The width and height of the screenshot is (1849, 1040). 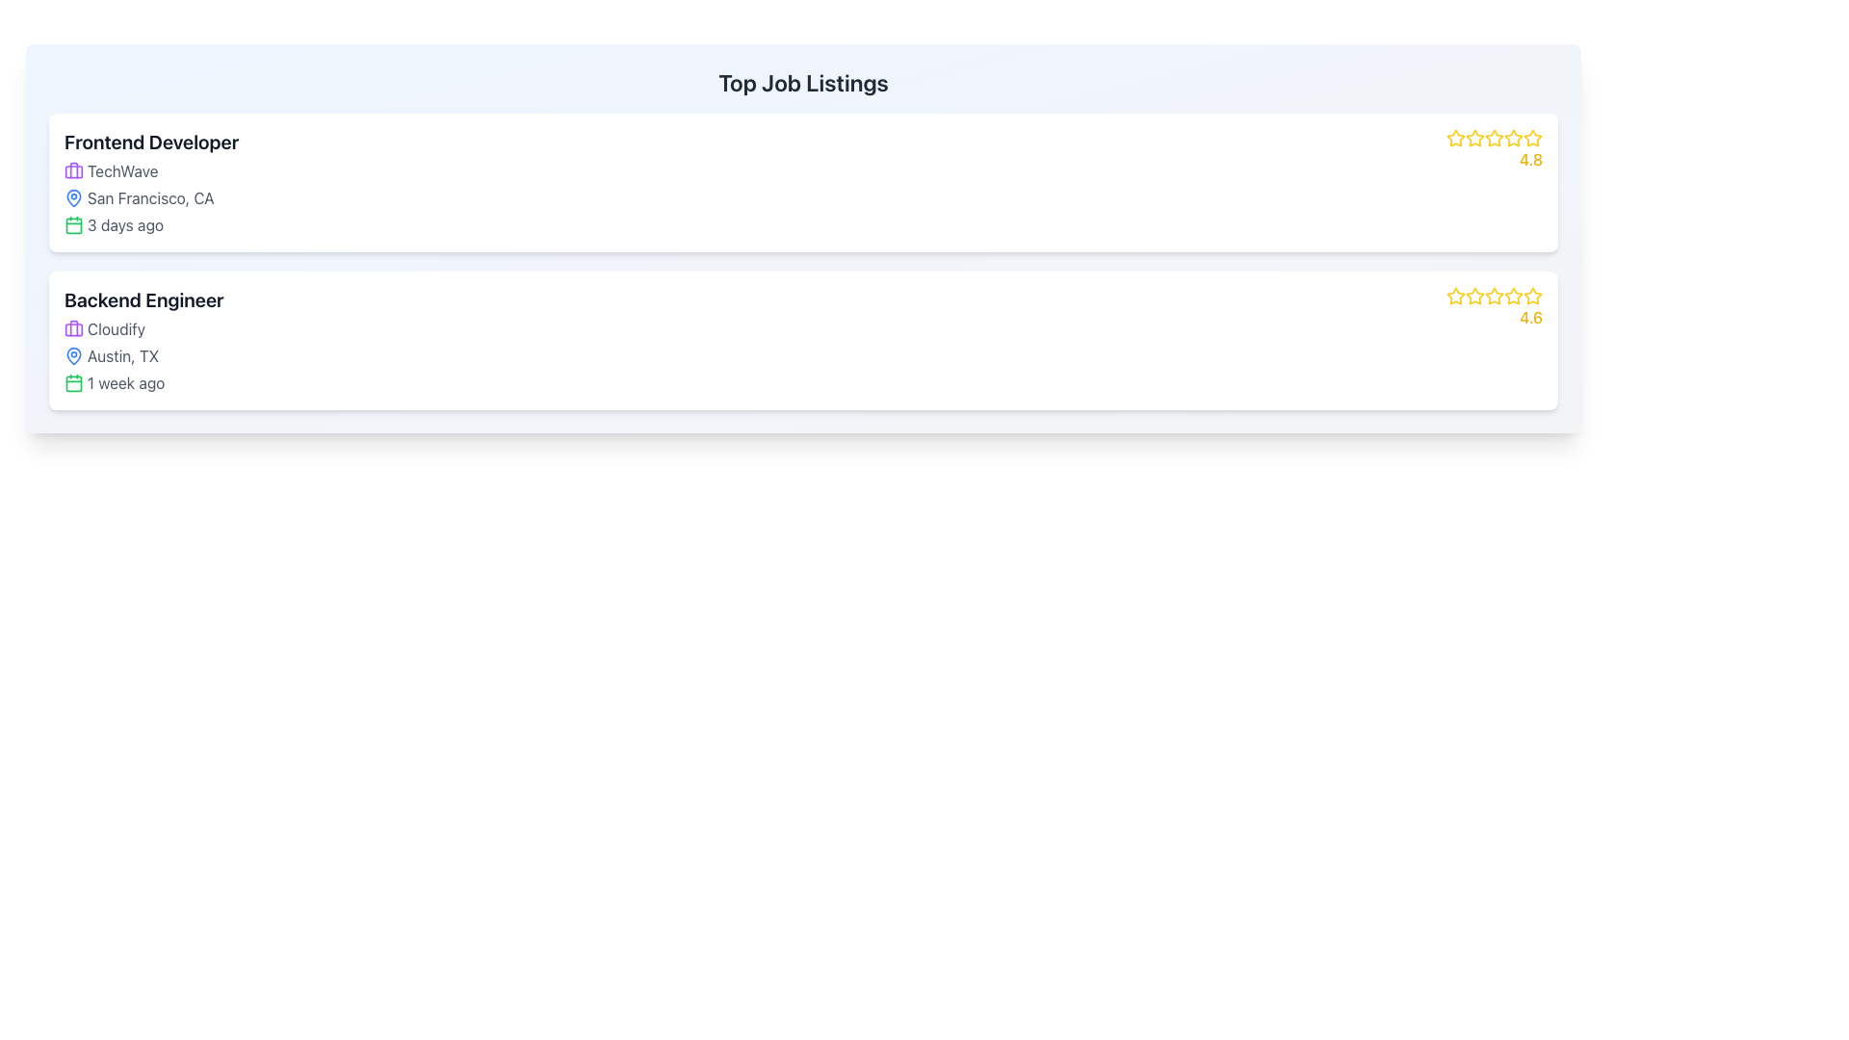 I want to click on the second star icon in the rating system, which is a hollow yellow star next to the '4.6' rating for the 'Backend Engineer' listing, so click(x=1473, y=296).